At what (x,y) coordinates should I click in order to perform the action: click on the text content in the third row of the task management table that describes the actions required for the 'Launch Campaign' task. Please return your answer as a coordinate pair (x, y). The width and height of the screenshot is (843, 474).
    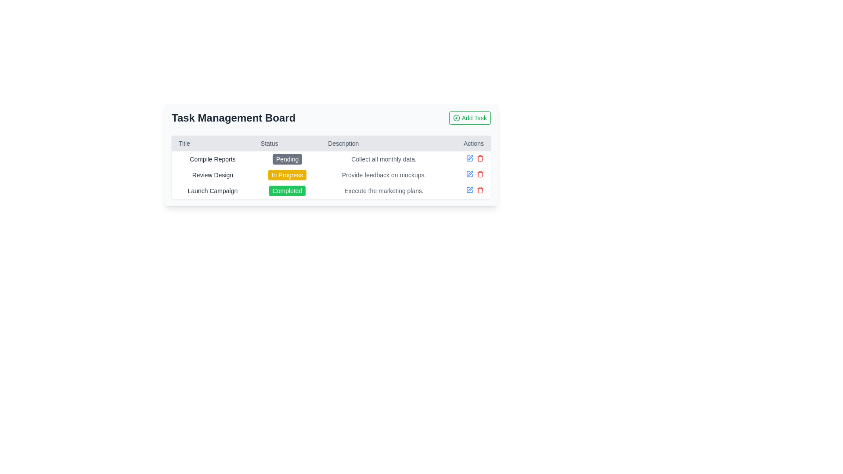
    Looking at the image, I should click on (384, 190).